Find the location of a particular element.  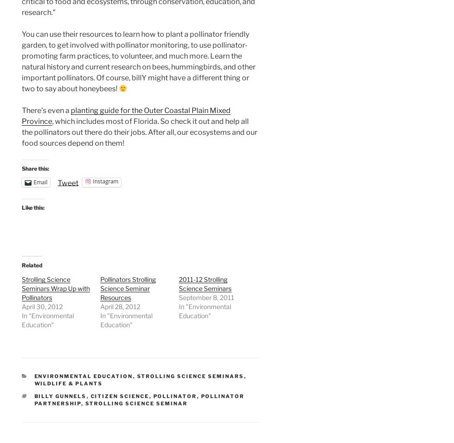

'Instagram' is located at coordinates (105, 180).